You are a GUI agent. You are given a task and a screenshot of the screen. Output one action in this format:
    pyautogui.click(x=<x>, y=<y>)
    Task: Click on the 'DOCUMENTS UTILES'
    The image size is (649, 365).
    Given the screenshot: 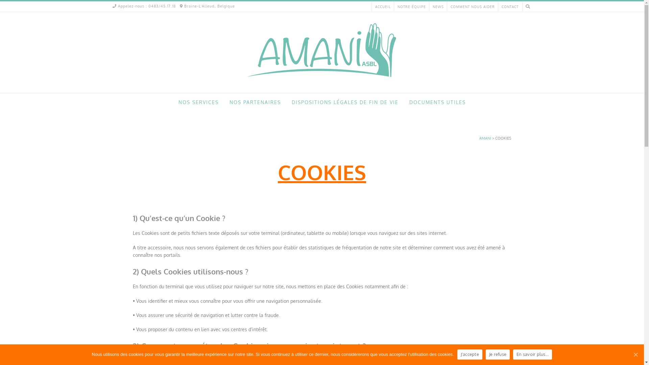 What is the action you would take?
    pyautogui.click(x=437, y=103)
    